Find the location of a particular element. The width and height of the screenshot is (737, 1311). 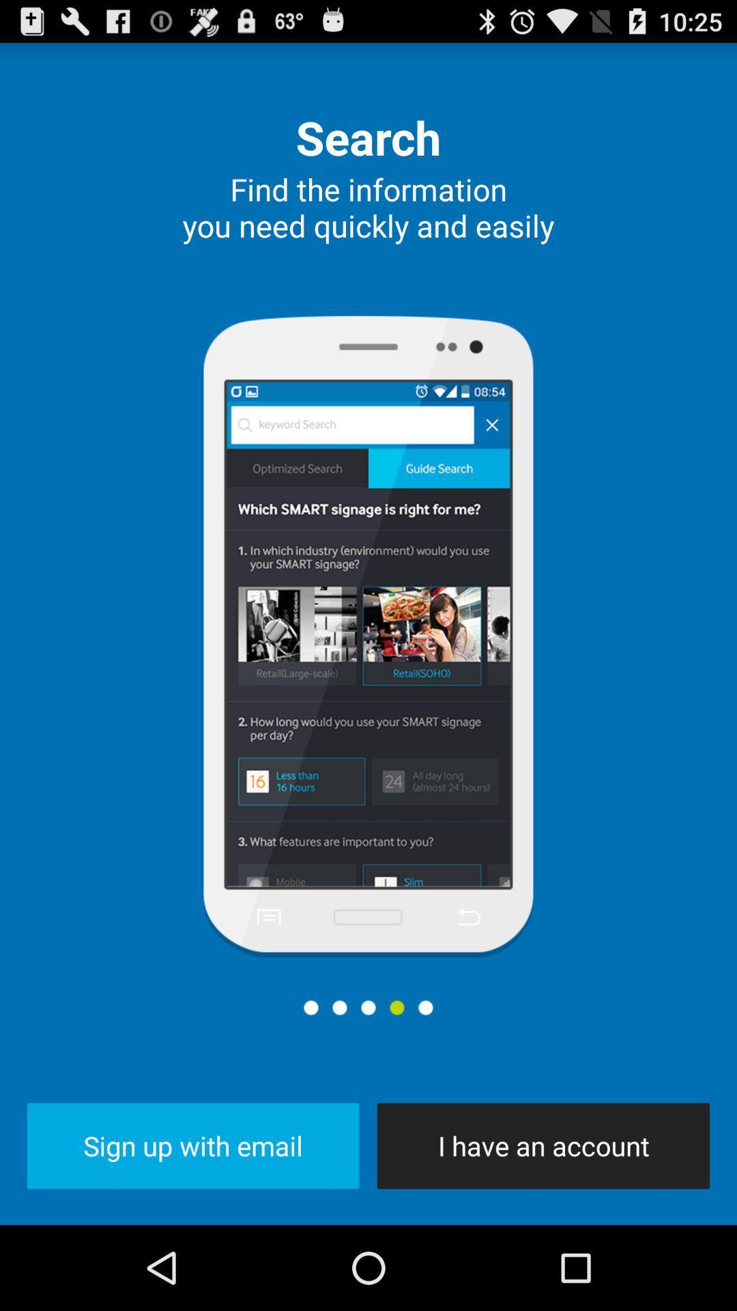

the item to the right of sign up with is located at coordinates (543, 1146).